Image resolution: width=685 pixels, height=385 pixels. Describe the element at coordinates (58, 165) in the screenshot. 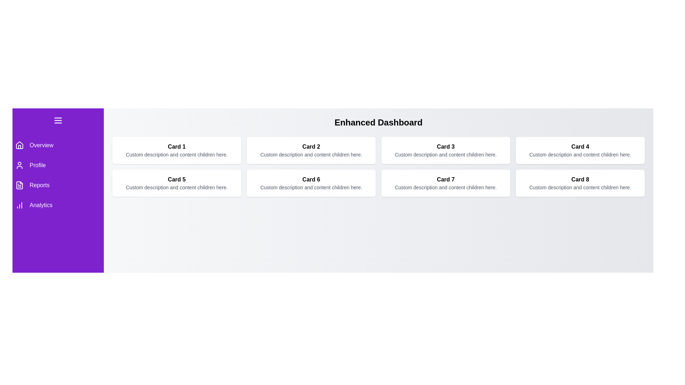

I see `the menu item Profile to navigate to the corresponding section` at that location.